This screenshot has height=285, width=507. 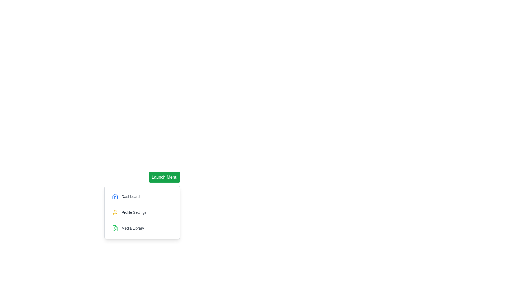 I want to click on the text label 'Profile Settings' in the vertical menu, which is positioned below 'Dashboard' and above 'Media Library', so click(x=134, y=212).